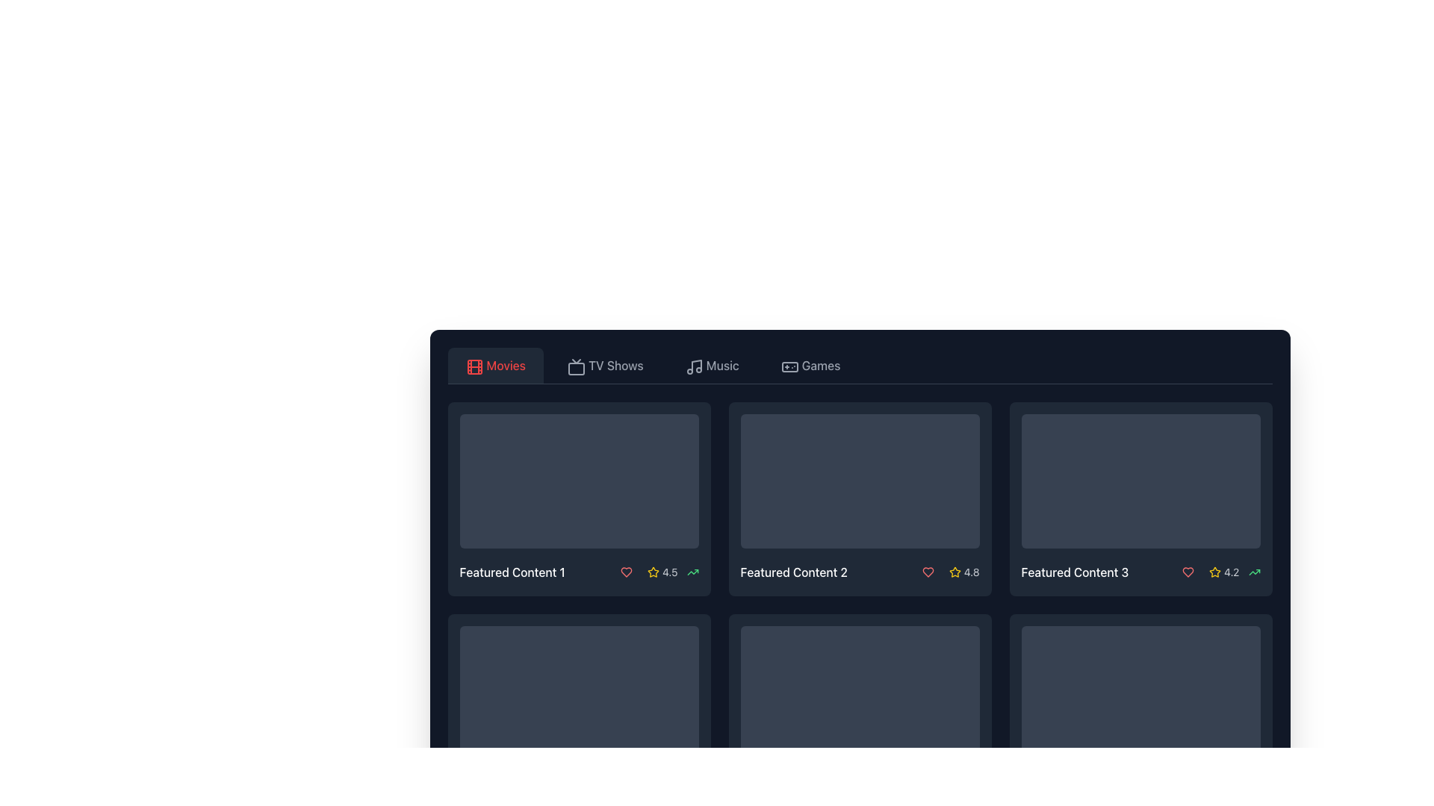 The image size is (1434, 806). Describe the element at coordinates (1215, 571) in the screenshot. I see `the star-shaped icon rendered in SVG, which is yellow and part of the rating system, located at the bottom right of the 'Featured Content 3' card` at that location.